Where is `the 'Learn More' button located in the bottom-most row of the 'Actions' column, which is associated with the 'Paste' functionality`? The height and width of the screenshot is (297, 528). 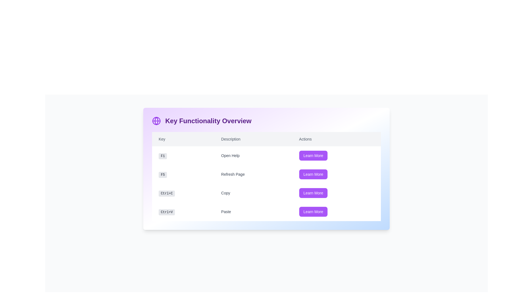
the 'Learn More' button located in the bottom-most row of the 'Actions' column, which is associated with the 'Paste' functionality is located at coordinates (336, 211).